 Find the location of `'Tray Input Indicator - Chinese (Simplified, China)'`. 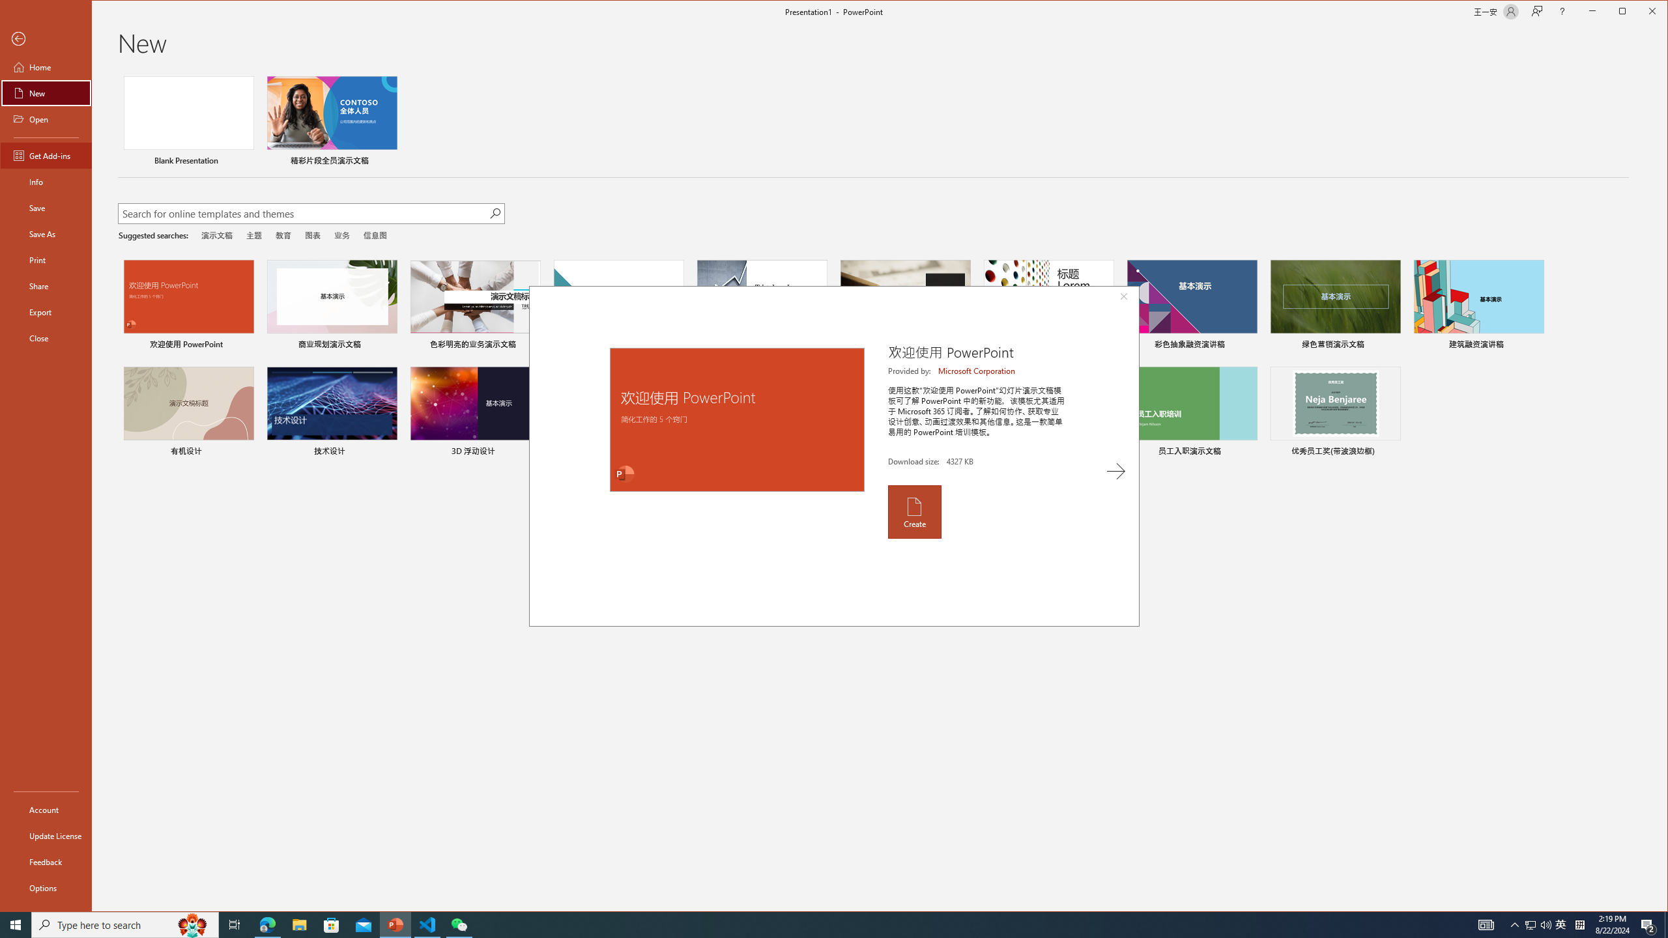

'Tray Input Indicator - Chinese (Simplified, China)' is located at coordinates (1530, 924).